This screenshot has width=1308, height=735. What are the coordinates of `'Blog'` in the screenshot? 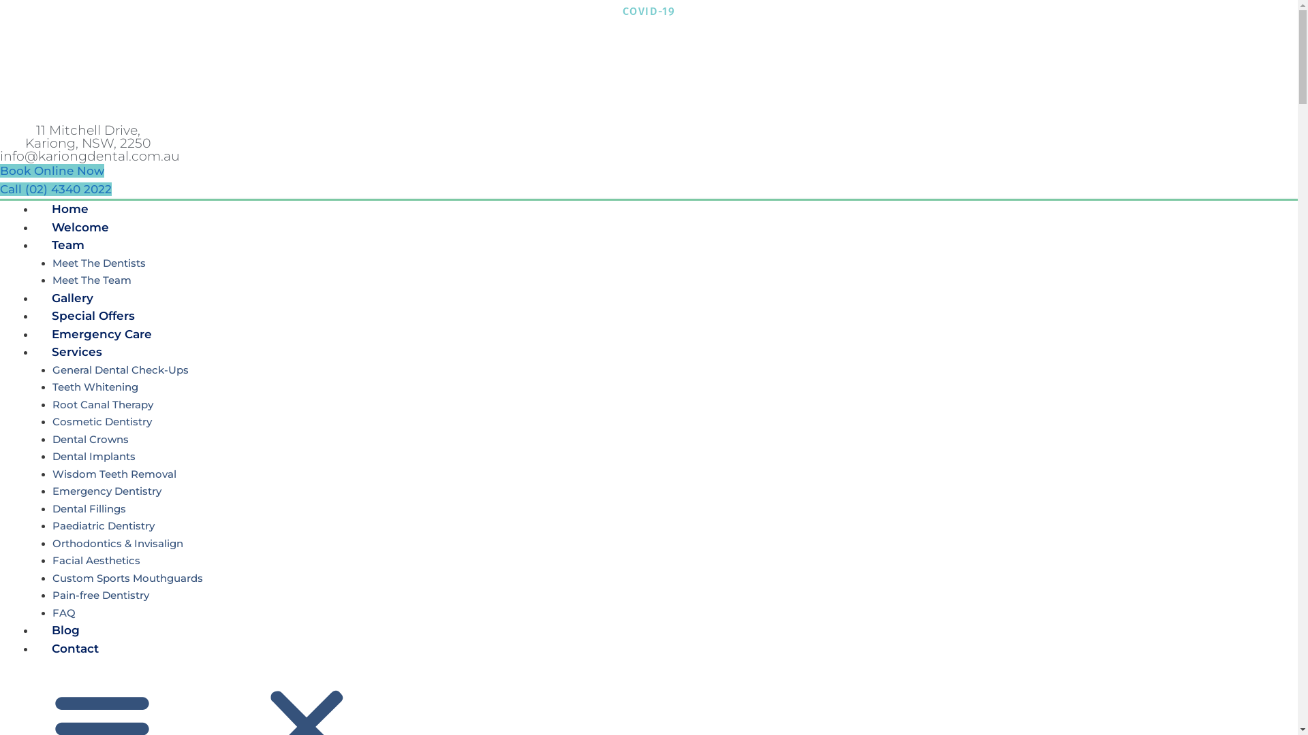 It's located at (65, 630).